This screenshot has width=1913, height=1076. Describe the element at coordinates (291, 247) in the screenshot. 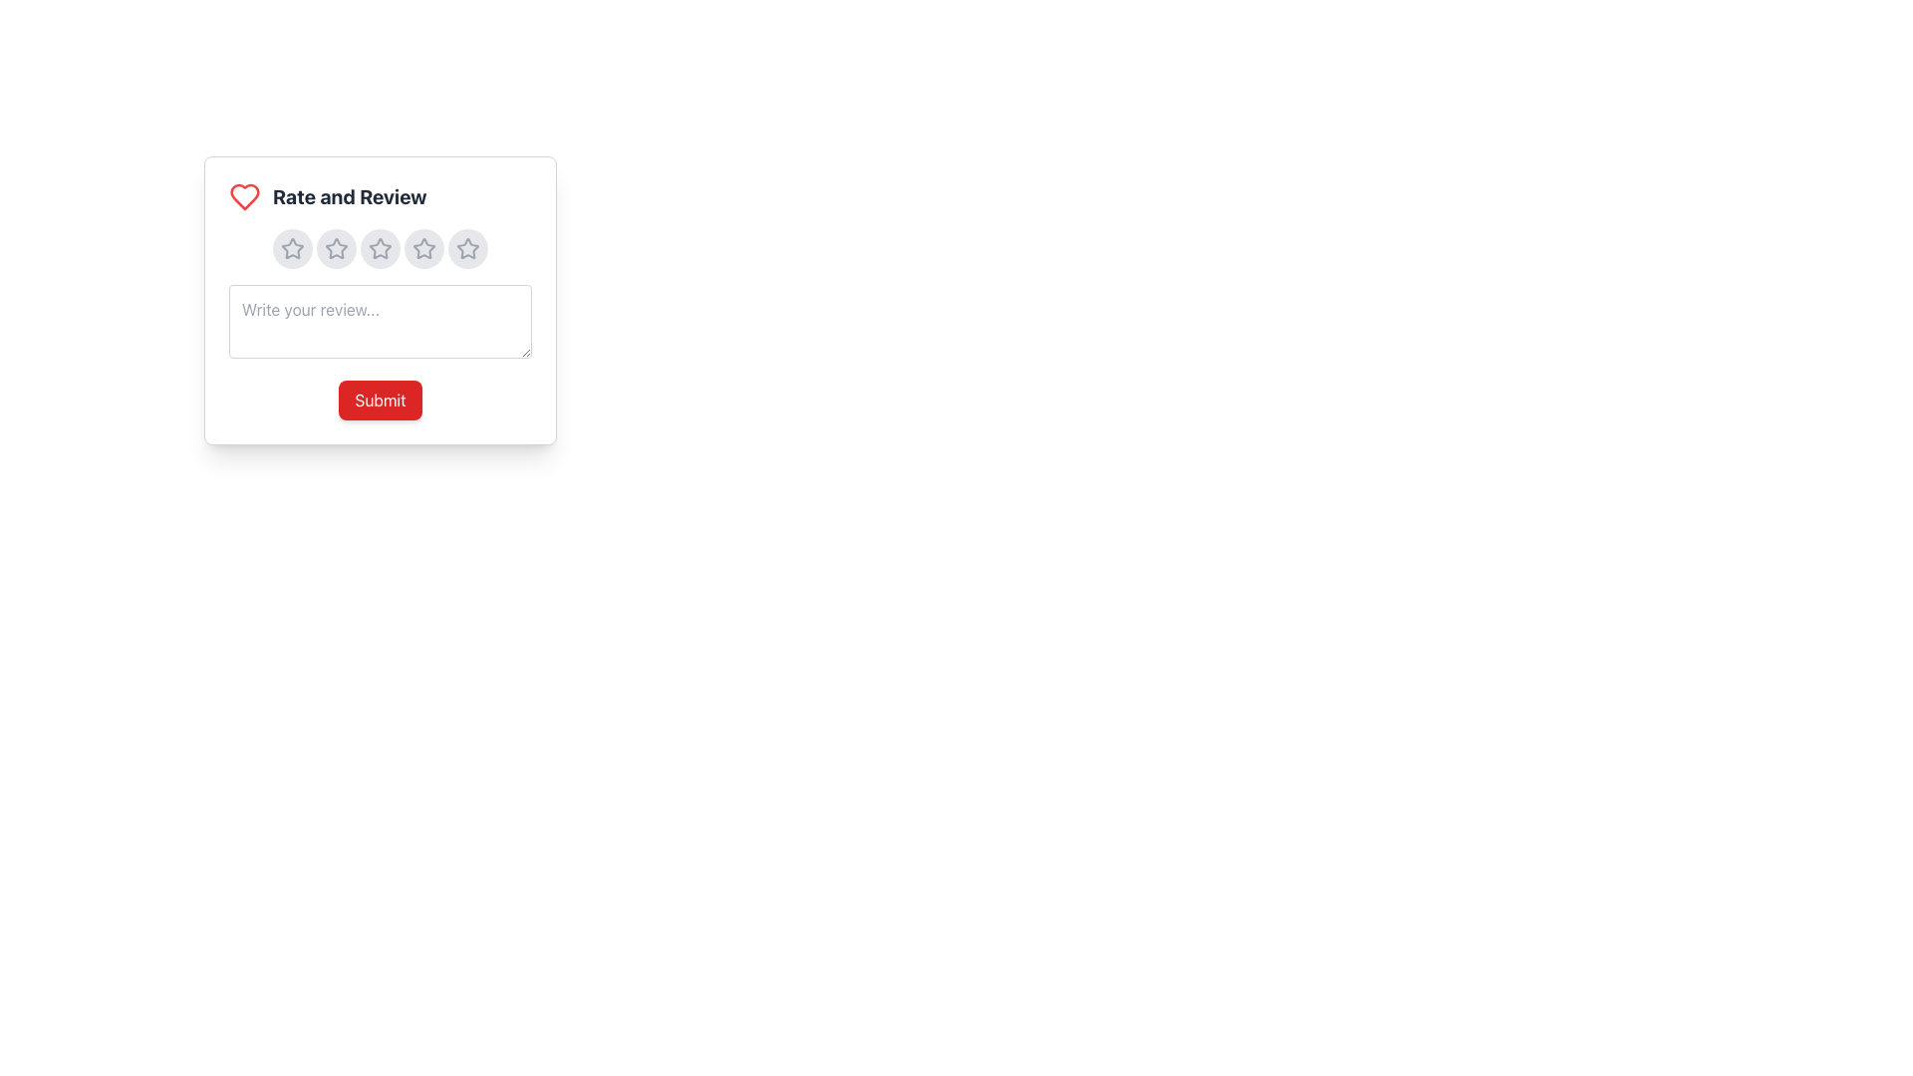

I see `the first star icon in the rating section of the 'Rate and Review' card` at that location.